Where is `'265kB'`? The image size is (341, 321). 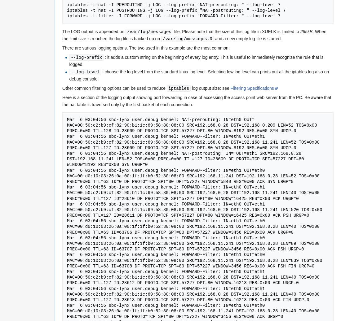
'265kB' is located at coordinates (306, 31).